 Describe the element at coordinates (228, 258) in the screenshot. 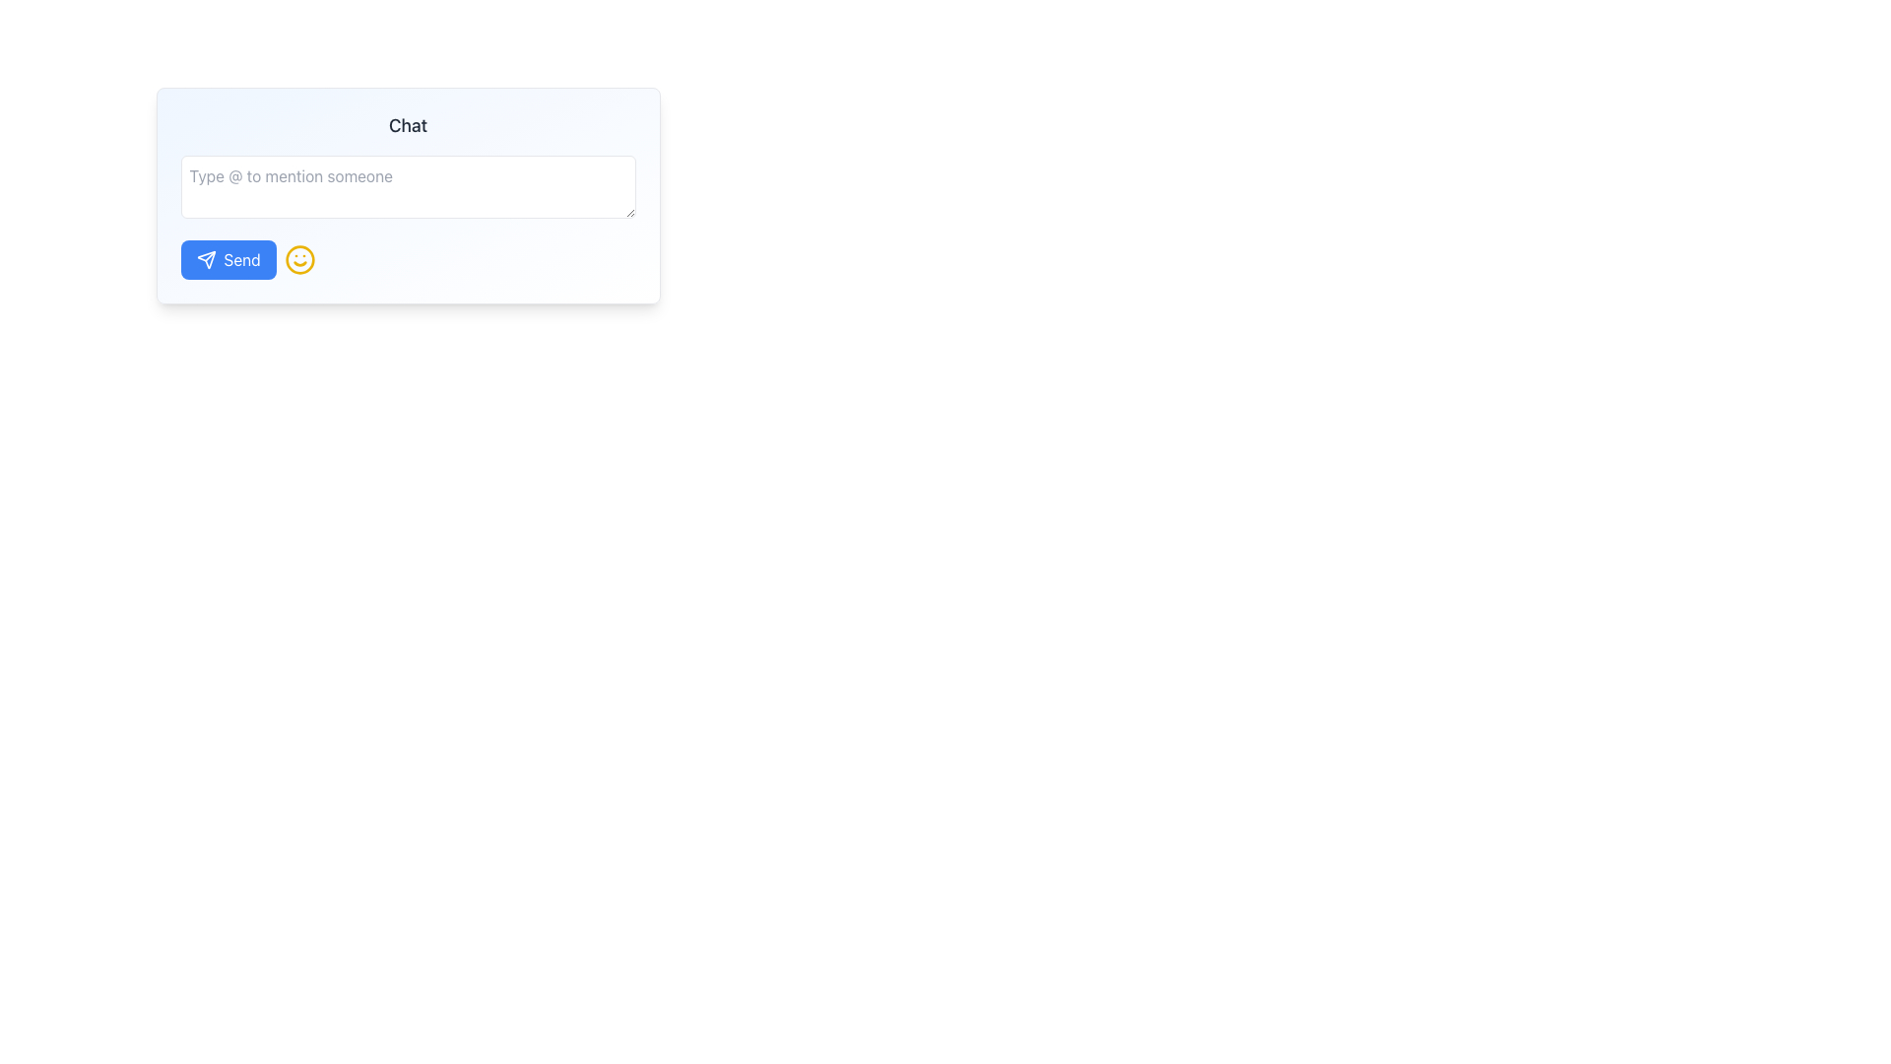

I see `the submit button located at the bottom-left of the chat interface to trigger the hover effect` at that location.